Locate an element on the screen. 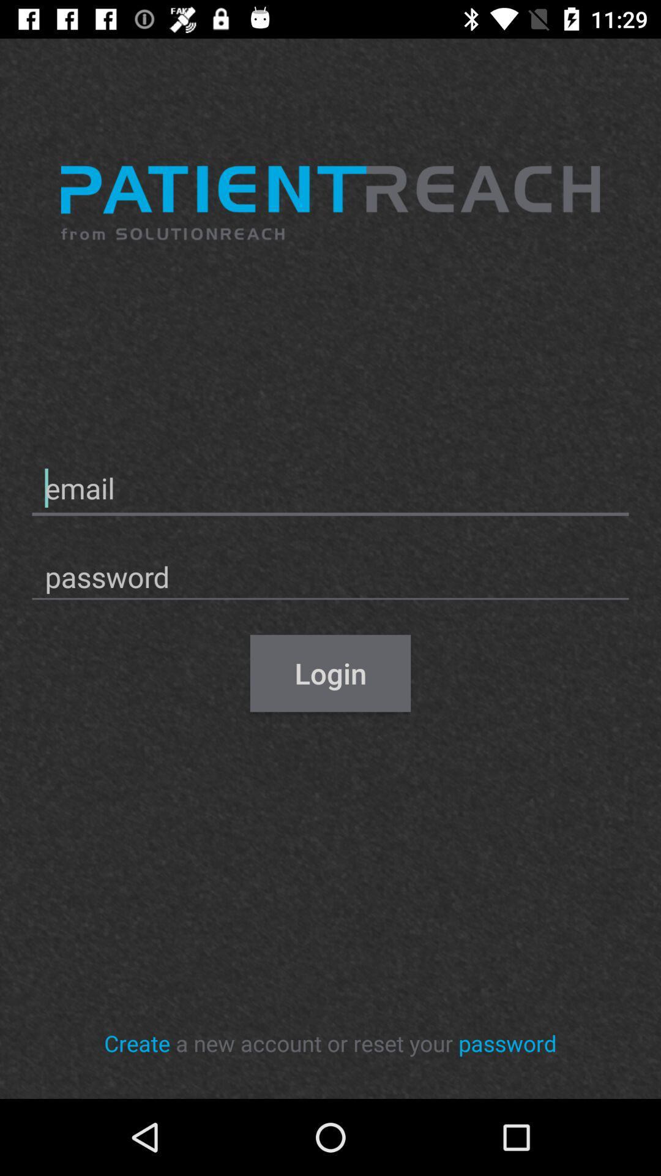 The image size is (661, 1176). the icon next to the a new account is located at coordinates (507, 1042).